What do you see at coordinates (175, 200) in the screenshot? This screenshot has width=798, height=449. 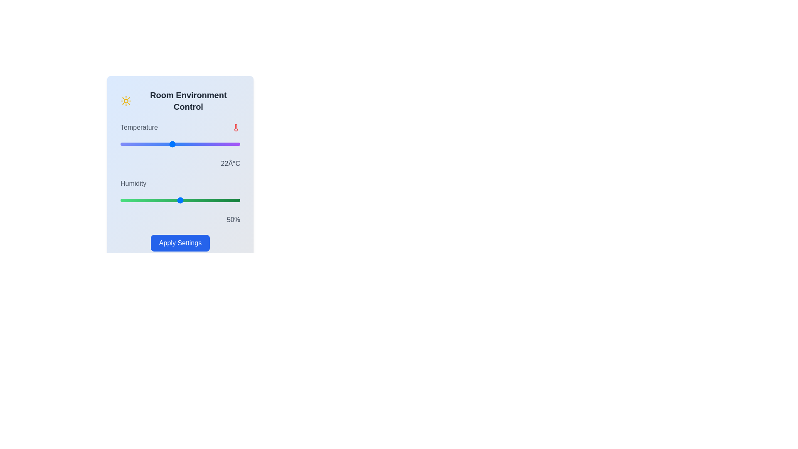 I see `the humidity slider to set the humidity to 46%` at bounding box center [175, 200].